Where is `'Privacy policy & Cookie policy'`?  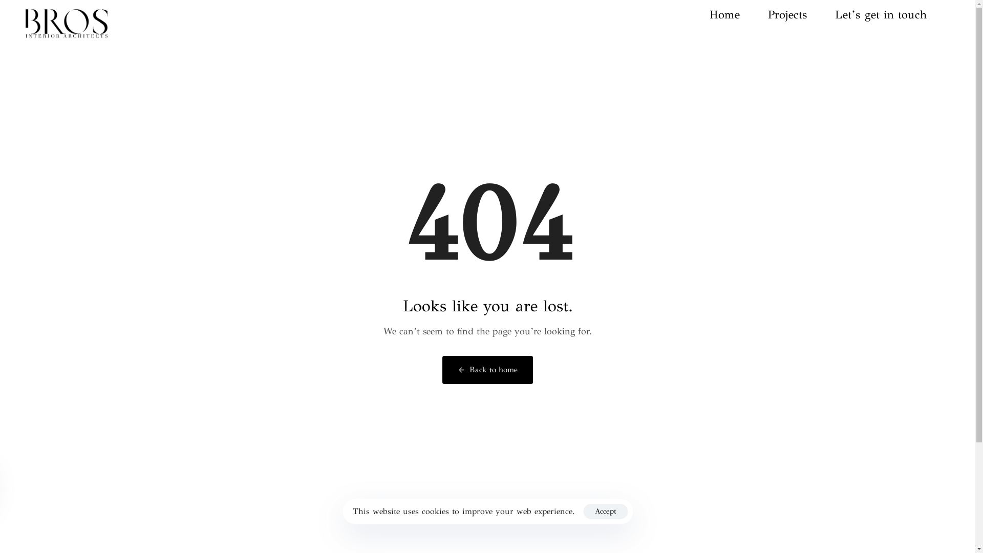
'Privacy policy & Cookie policy' is located at coordinates (486, 512).